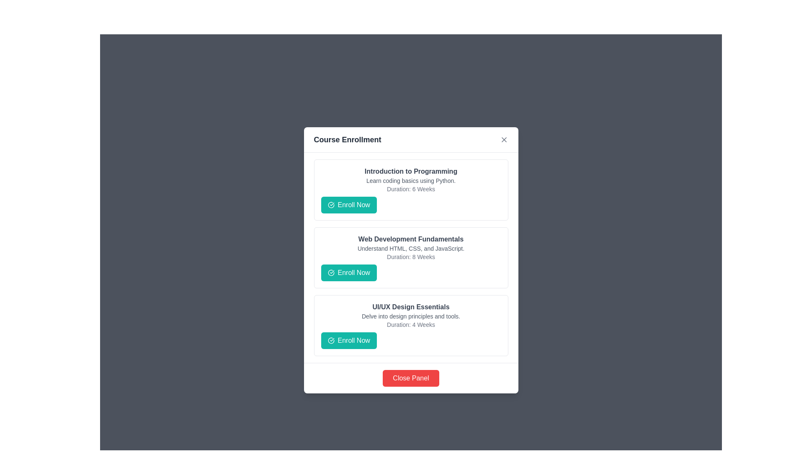  What do you see at coordinates (411, 325) in the screenshot?
I see `course details from the Card component titled 'UI/UX Design Essentials' which is the third card in a vertical stack within a modal dialog` at bounding box center [411, 325].